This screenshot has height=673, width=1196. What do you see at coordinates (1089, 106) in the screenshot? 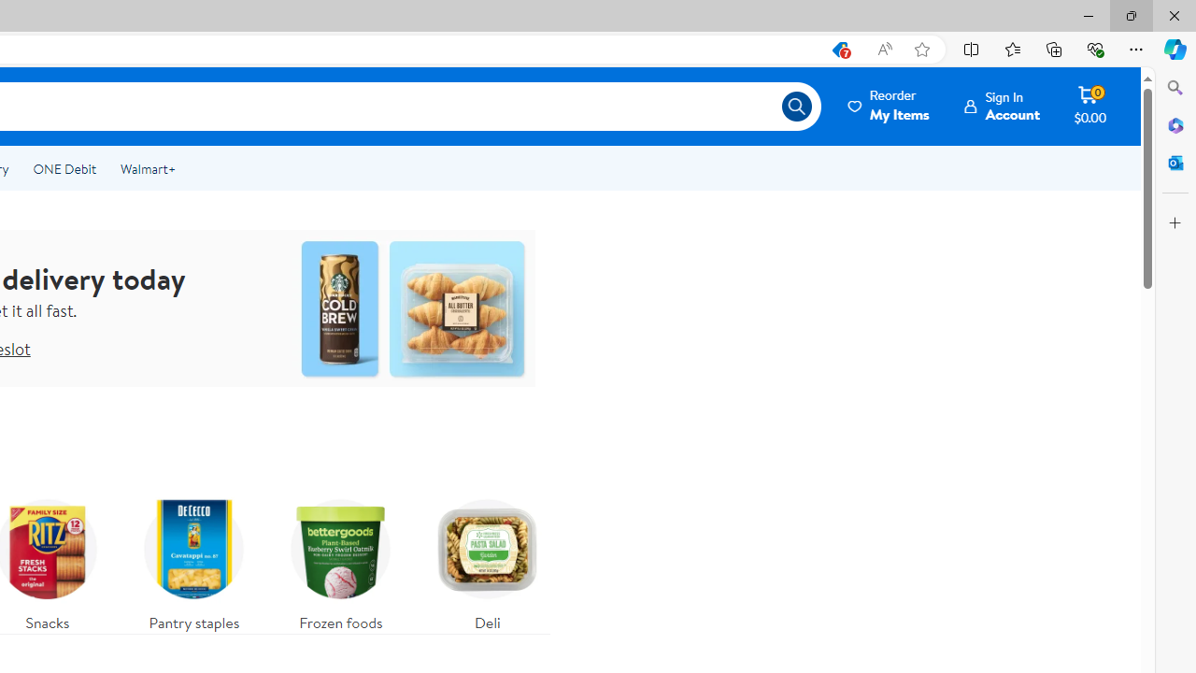
I see `'Cart contains 0 items Total Amount $0.00'` at bounding box center [1089, 106].